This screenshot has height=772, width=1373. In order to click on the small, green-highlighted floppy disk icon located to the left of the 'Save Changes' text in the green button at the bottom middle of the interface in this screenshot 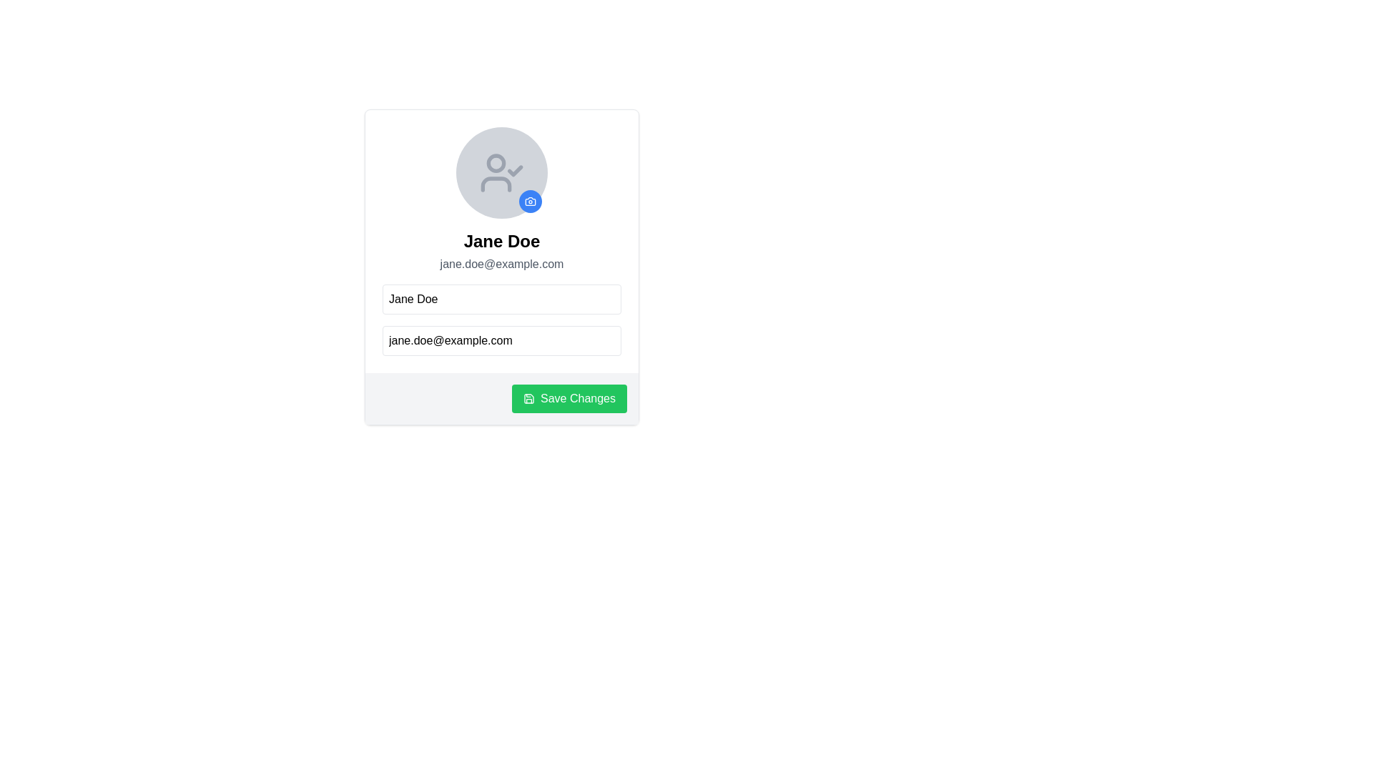, I will do `click(528, 399)`.